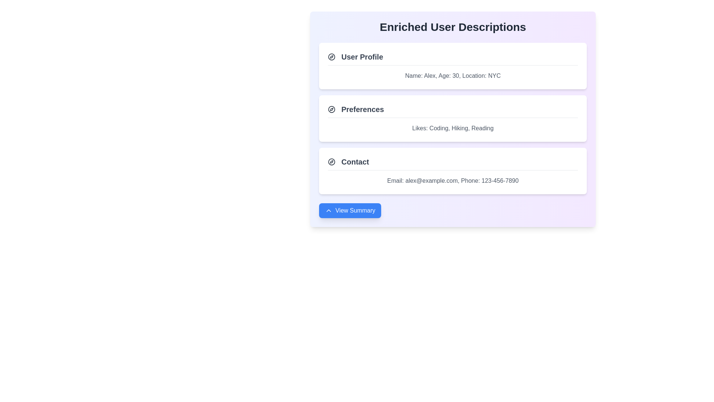 The height and width of the screenshot is (402, 714). Describe the element at coordinates (355, 162) in the screenshot. I see `the 'Contact' text label, which is styled in bold dark gray and located in the third section of the main content, next to a compass icon` at that location.